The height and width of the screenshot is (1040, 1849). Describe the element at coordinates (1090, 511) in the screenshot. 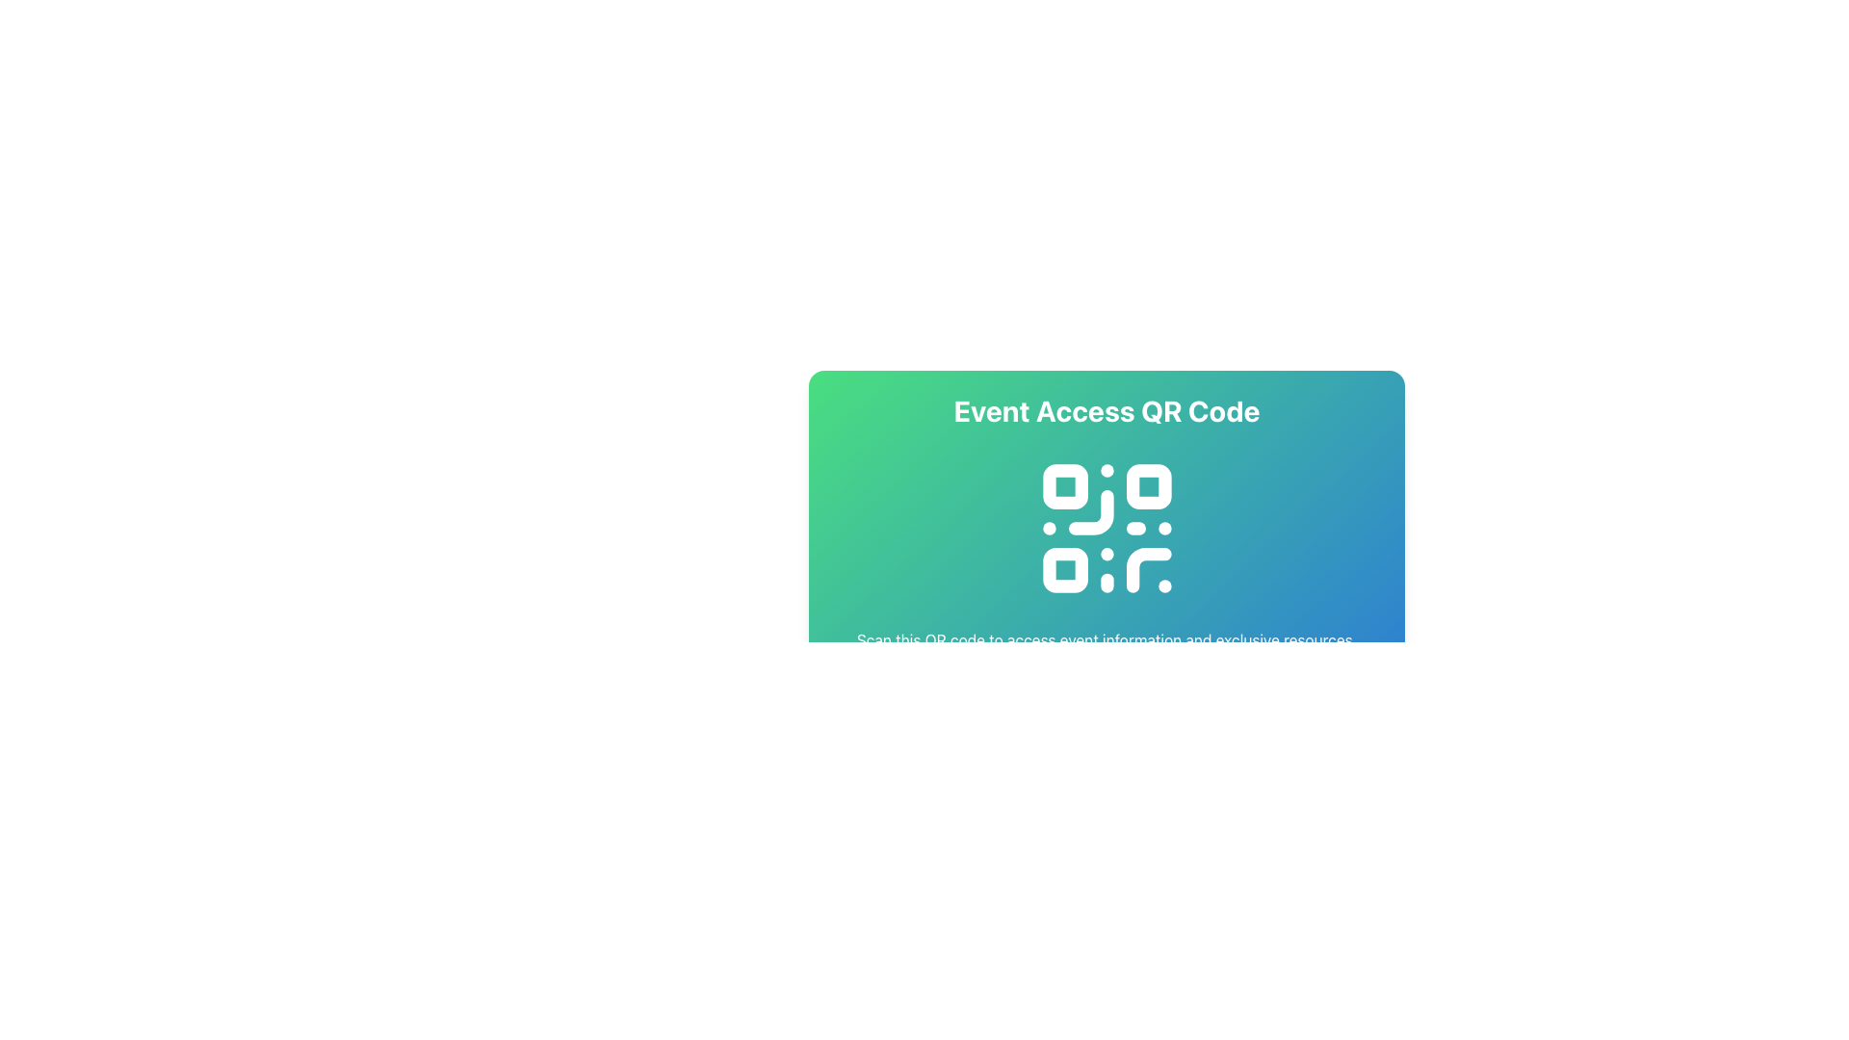

I see `the curved line segment of the QR code located in the central lower-left area of the QR code structure` at that location.